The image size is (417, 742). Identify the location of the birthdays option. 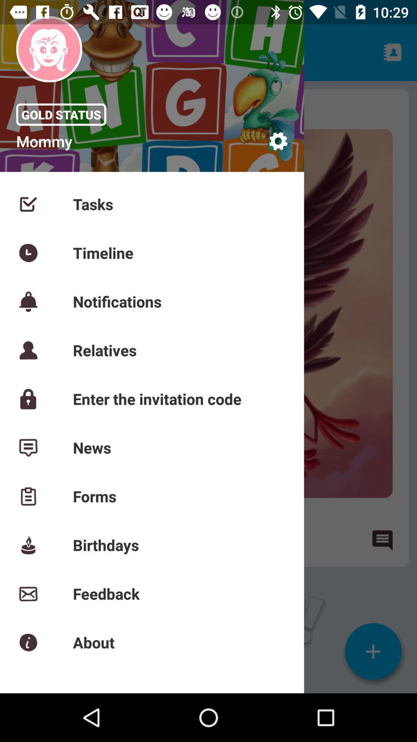
(36, 539).